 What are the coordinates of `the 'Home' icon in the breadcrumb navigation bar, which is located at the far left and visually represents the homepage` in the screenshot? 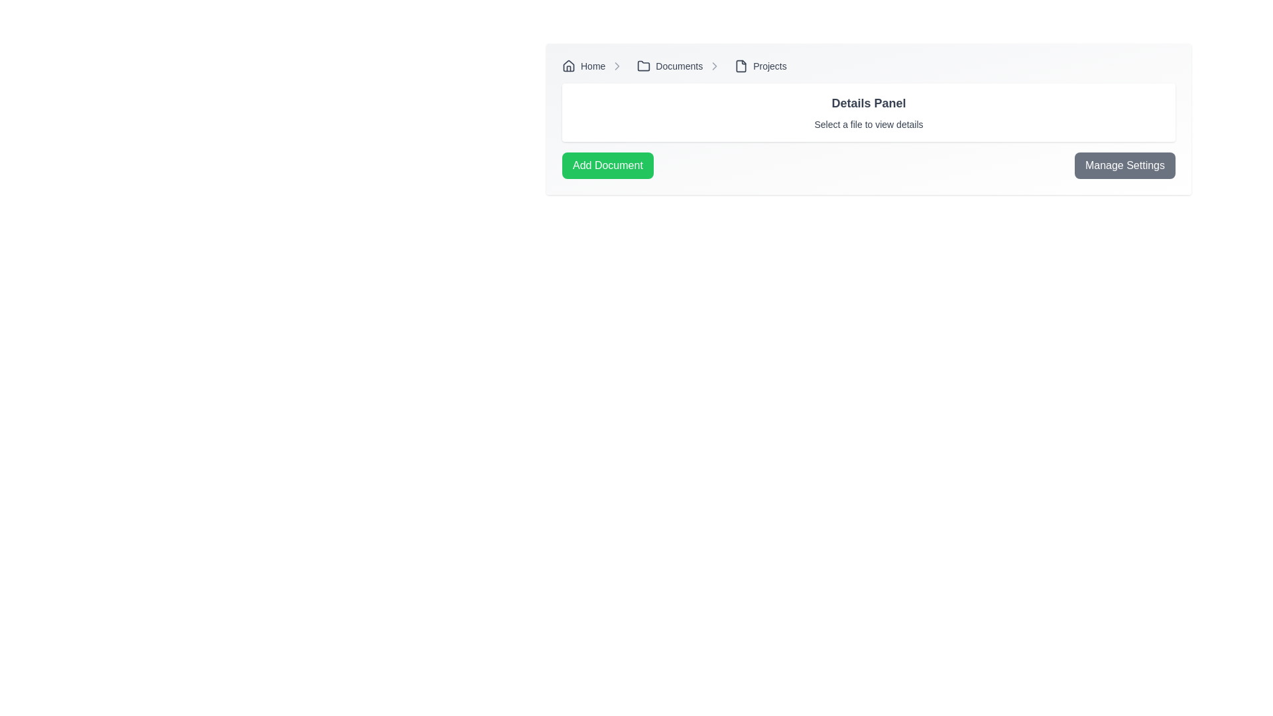 It's located at (569, 66).